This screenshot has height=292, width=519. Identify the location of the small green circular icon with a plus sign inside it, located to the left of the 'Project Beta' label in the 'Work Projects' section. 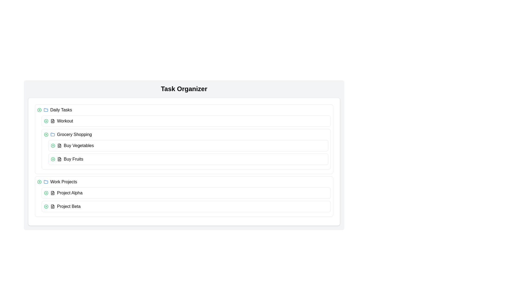
(46, 206).